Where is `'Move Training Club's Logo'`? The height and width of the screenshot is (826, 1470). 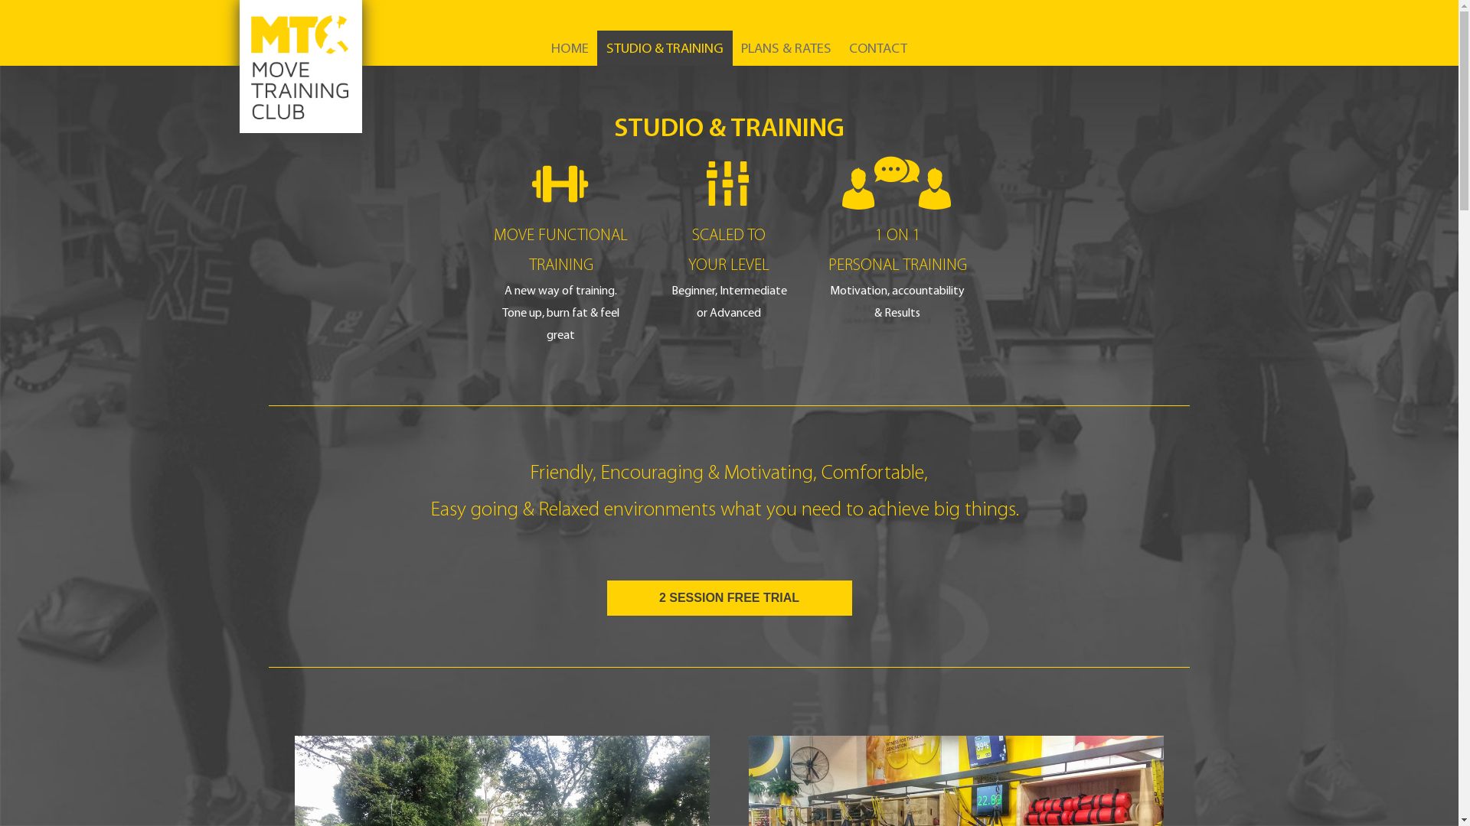 'Move Training Club's Logo' is located at coordinates (238, 66).